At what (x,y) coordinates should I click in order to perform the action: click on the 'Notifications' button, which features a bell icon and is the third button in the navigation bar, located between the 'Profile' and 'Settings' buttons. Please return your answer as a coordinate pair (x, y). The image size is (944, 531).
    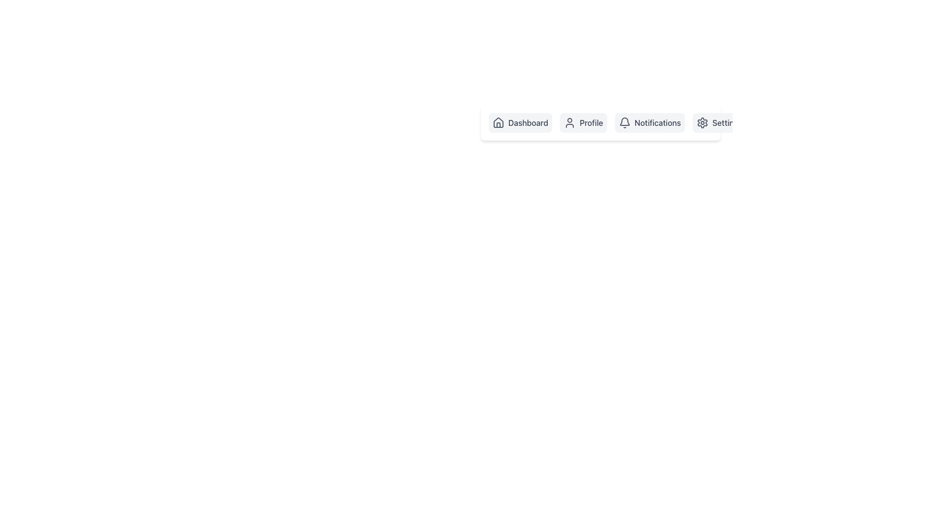
    Looking at the image, I should click on (649, 122).